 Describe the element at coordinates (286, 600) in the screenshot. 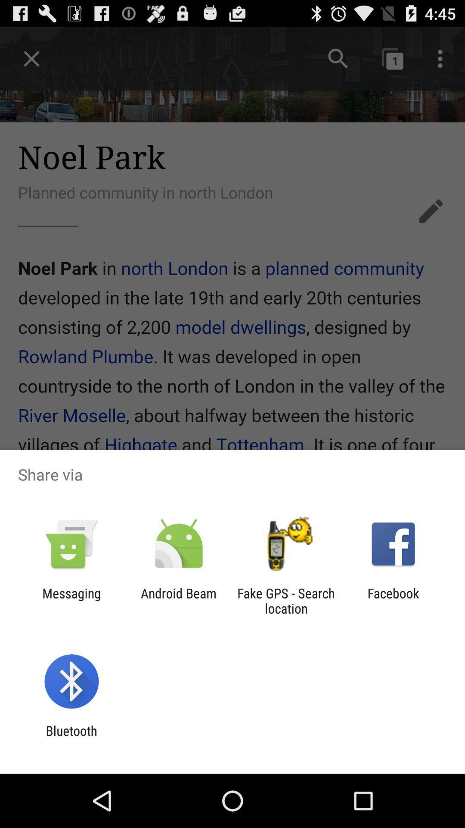

I see `the fake gps search item` at that location.